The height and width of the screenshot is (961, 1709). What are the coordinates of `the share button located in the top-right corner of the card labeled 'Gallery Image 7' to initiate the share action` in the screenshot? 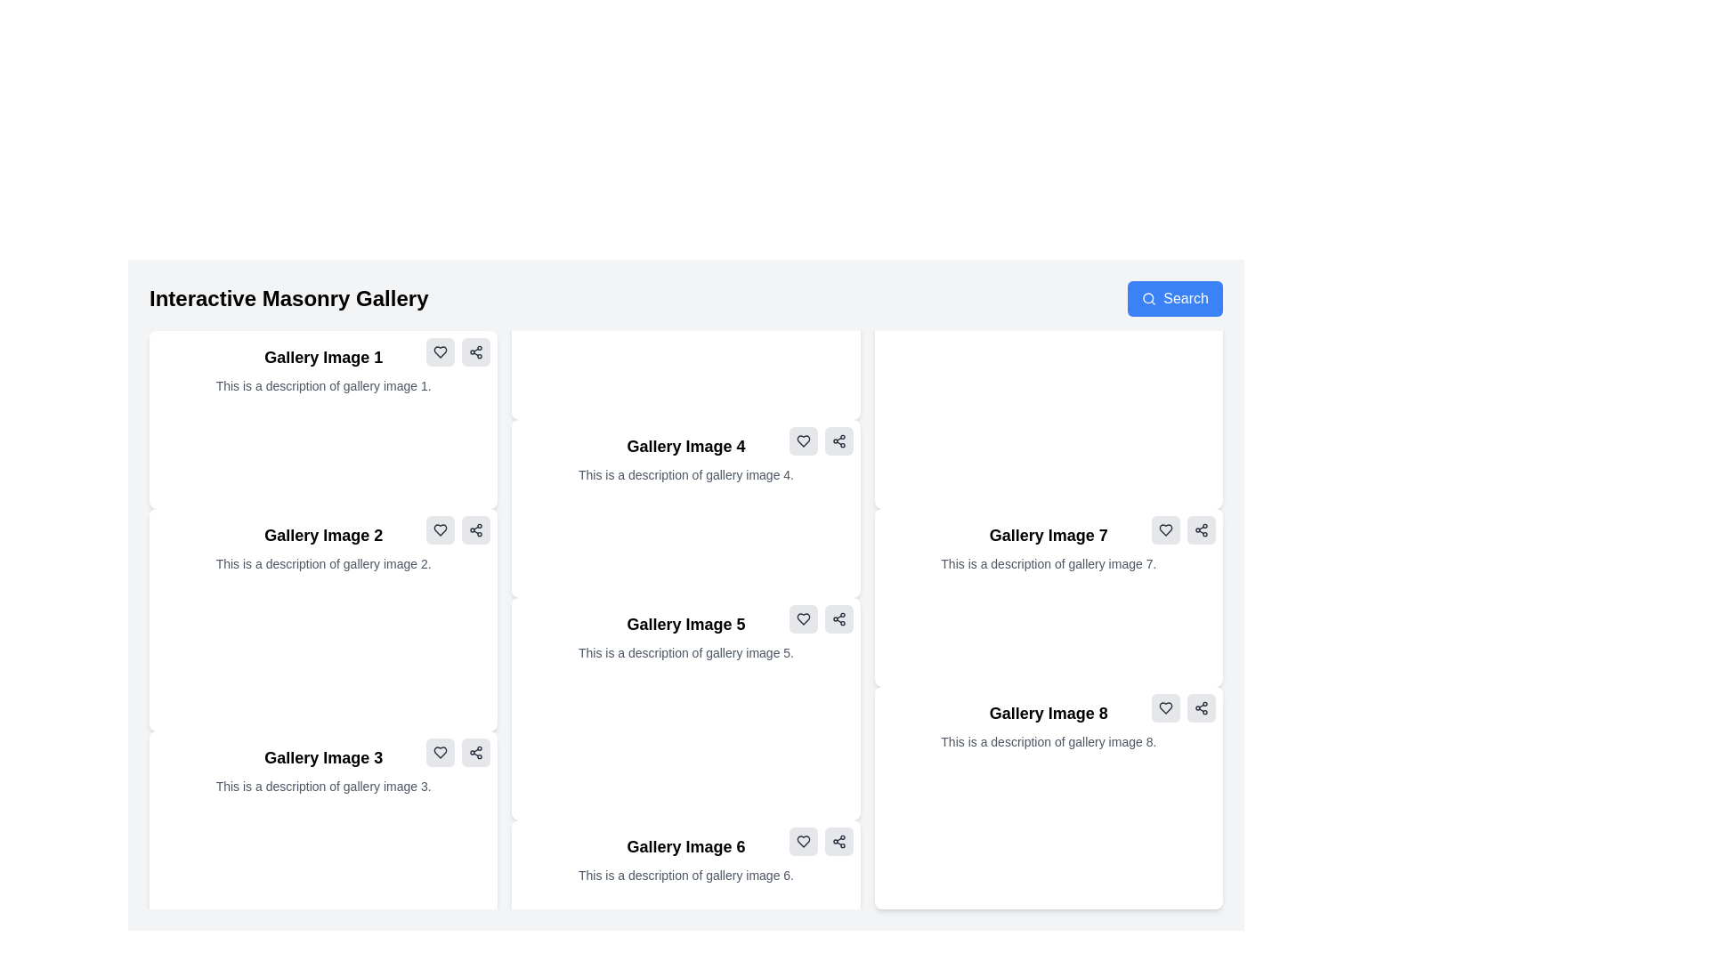 It's located at (1201, 529).